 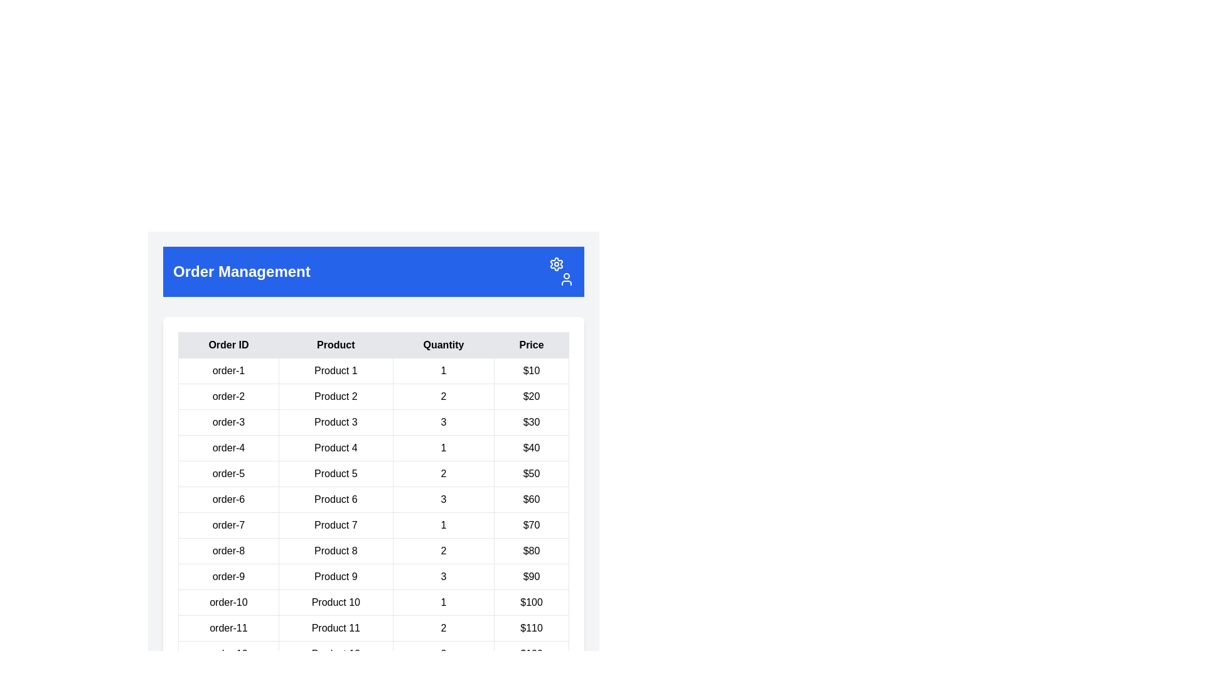 What do you see at coordinates (532, 397) in the screenshot?
I see `the static text block displaying the price of "$20" for "Product 2" in the fourth column of the table` at bounding box center [532, 397].